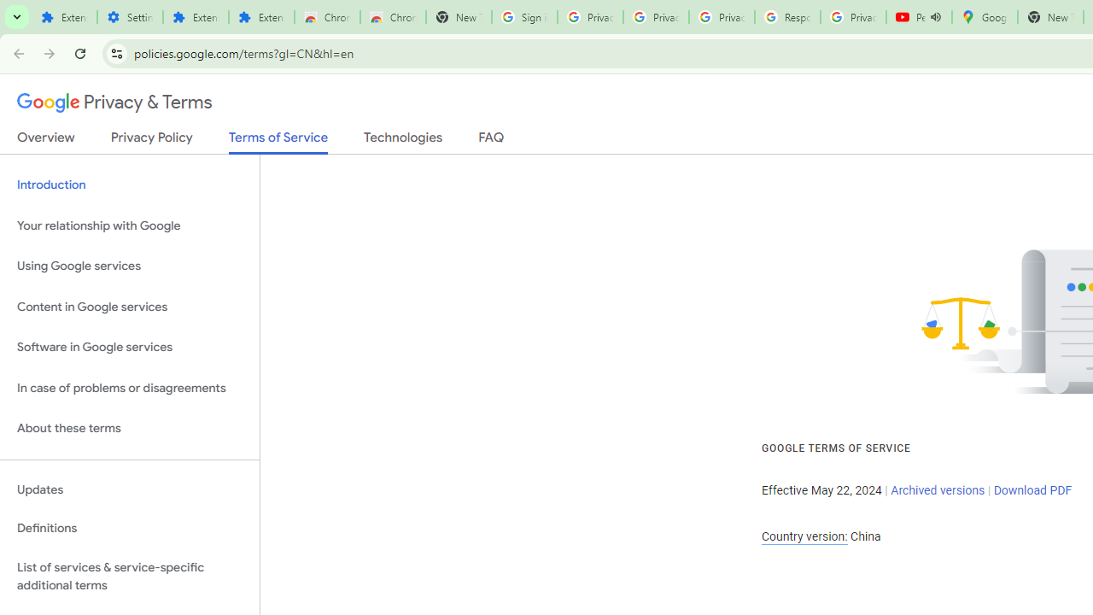  I want to click on 'Your relationship with Google', so click(129, 225).